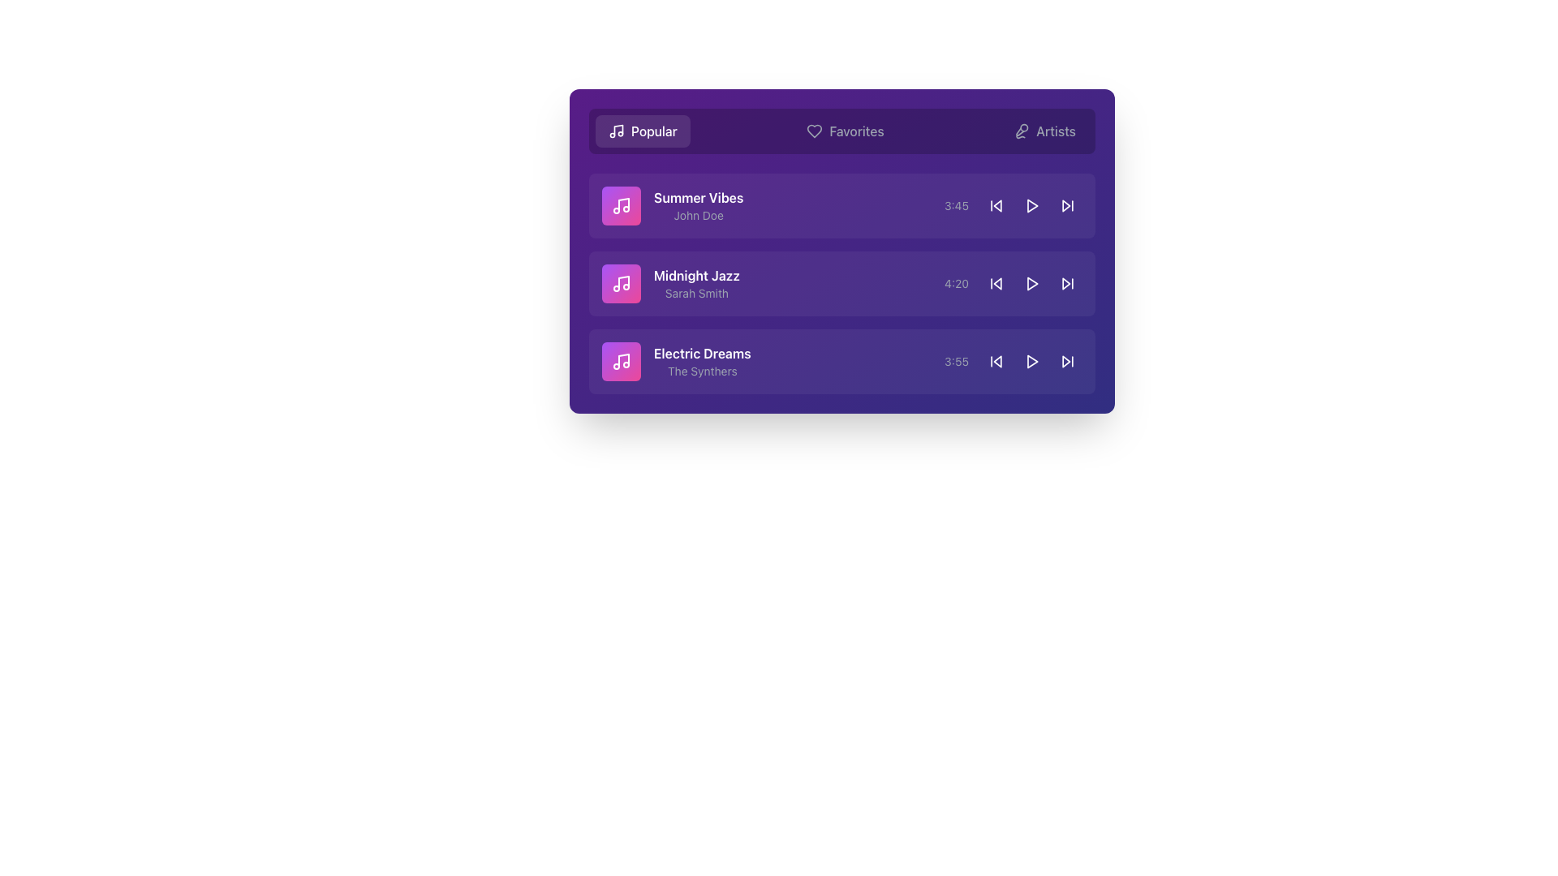 The height and width of the screenshot is (876, 1558). Describe the element at coordinates (844, 131) in the screenshot. I see `the button in the navigation panel that filters the displayed content` at that location.